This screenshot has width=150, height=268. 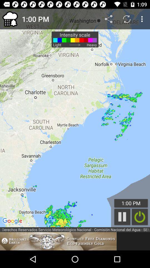 What do you see at coordinates (139, 217) in the screenshot?
I see `the icon above the national weather service item` at bounding box center [139, 217].